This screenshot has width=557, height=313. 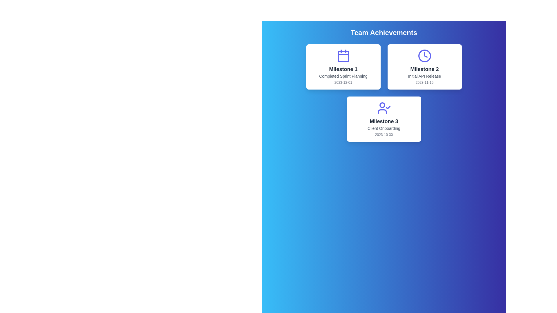 What do you see at coordinates (343, 57) in the screenshot?
I see `the main rectangular SVG element that forms the base structure of the calendar icon located in the 'Milestone 1' card within the 'Team Achievements' section` at bounding box center [343, 57].